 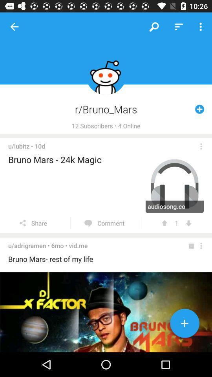 I want to click on menu, so click(x=201, y=245).